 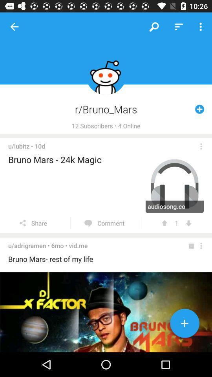 I want to click on menu, so click(x=201, y=245).